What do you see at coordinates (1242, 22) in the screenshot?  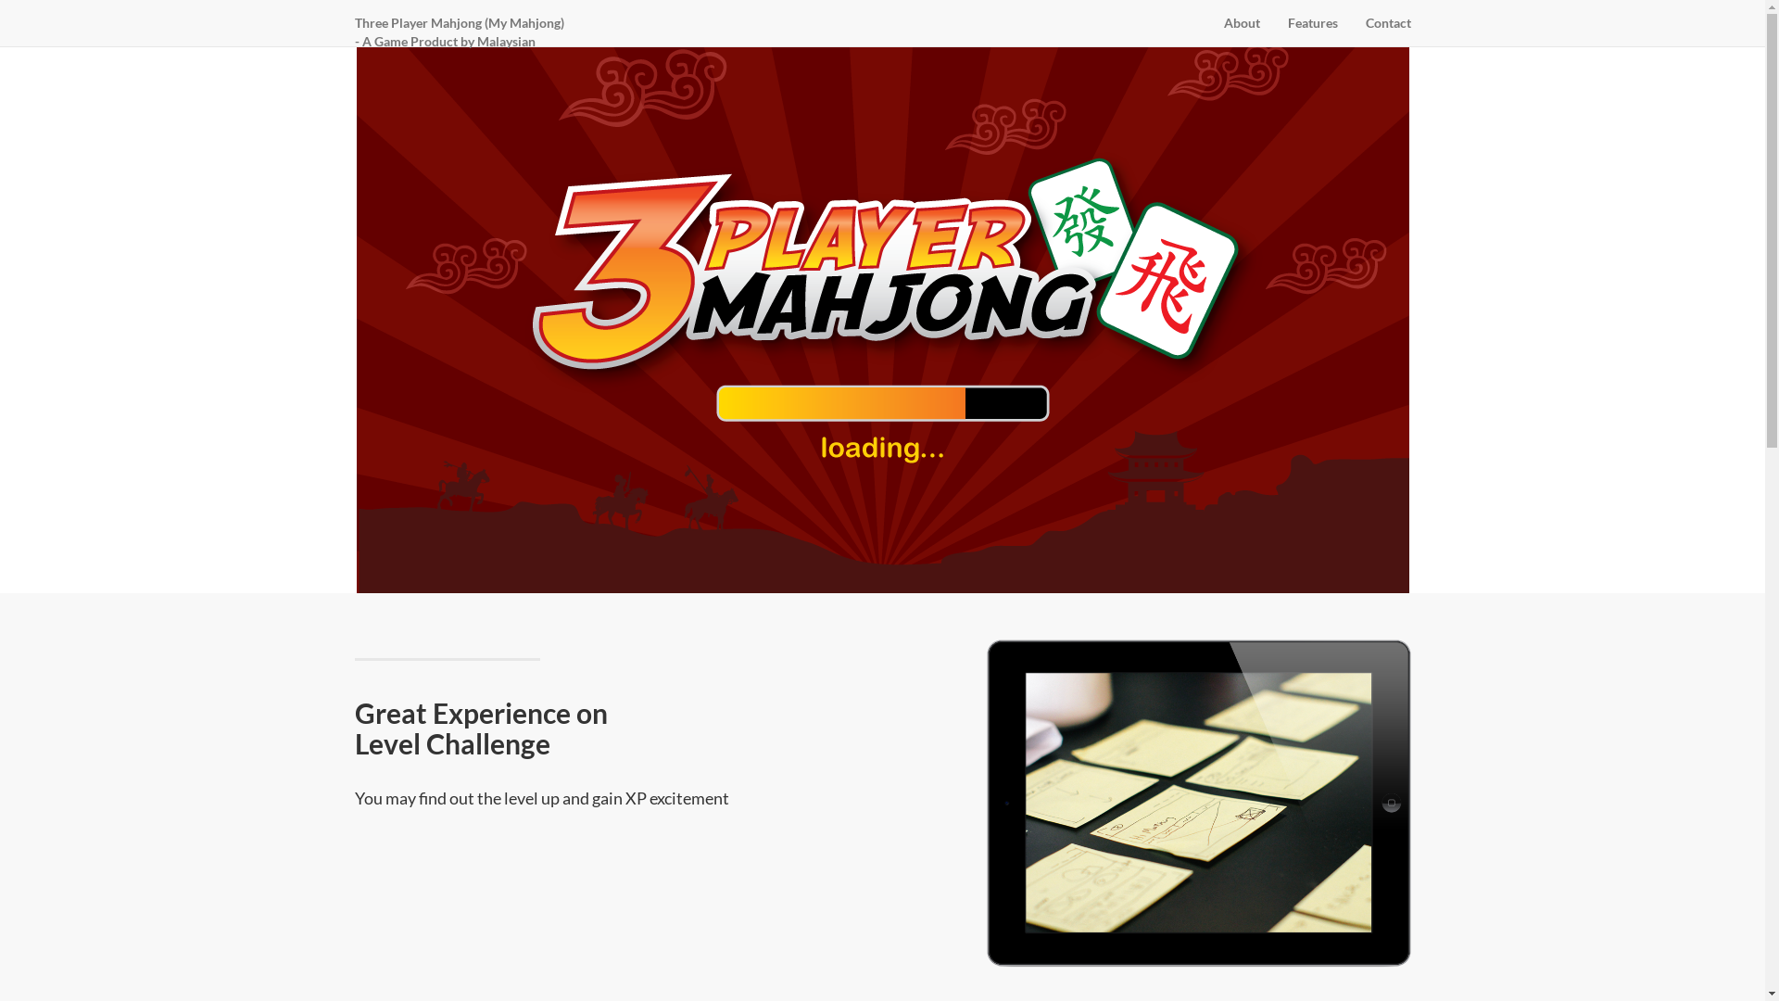 I see `'About'` at bounding box center [1242, 22].